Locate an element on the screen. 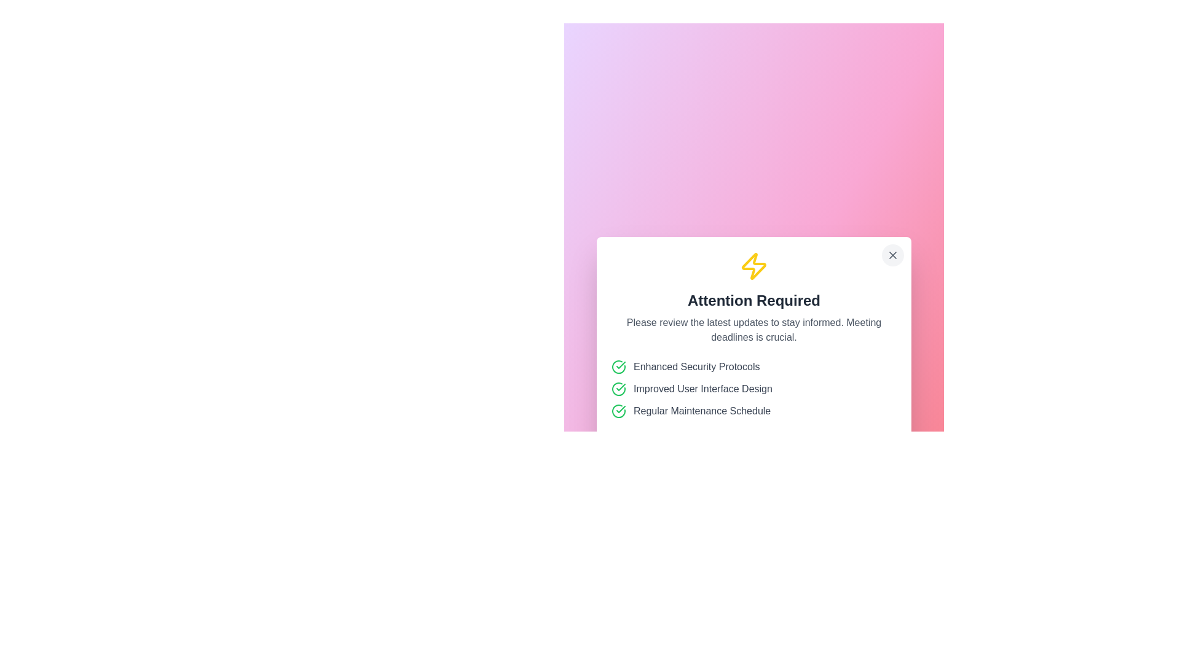 This screenshot has height=663, width=1180. icon or status indicator that signifies the completion of the 'Regular Maintenance Schedule' action for additional information is located at coordinates (619, 411).